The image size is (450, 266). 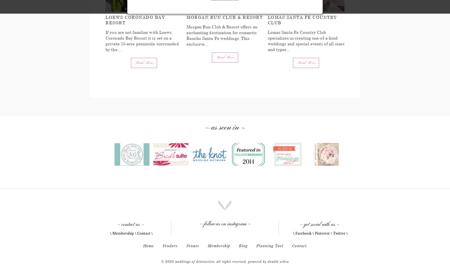 I want to click on 'Morgan Run Club & Resort', so click(x=224, y=17).